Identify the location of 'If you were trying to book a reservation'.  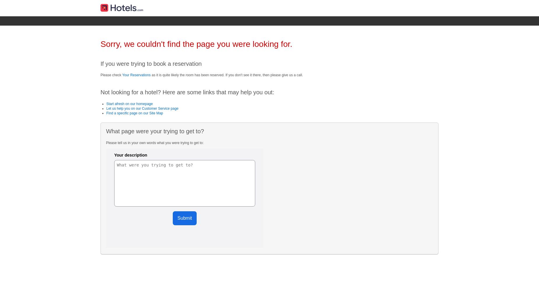
(151, 63).